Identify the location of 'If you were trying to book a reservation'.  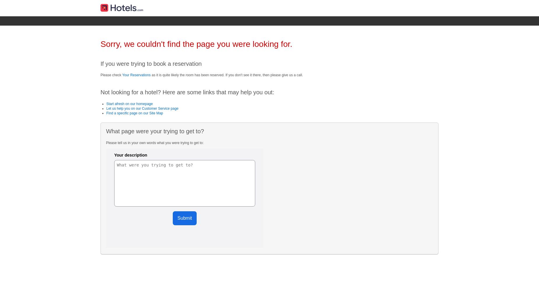
(151, 63).